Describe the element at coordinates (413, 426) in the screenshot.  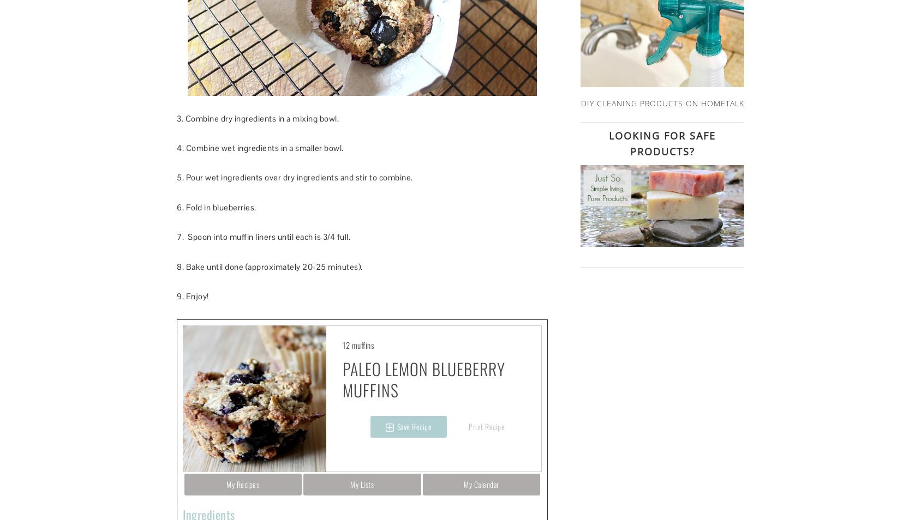
I see `'Save Recipe'` at that location.